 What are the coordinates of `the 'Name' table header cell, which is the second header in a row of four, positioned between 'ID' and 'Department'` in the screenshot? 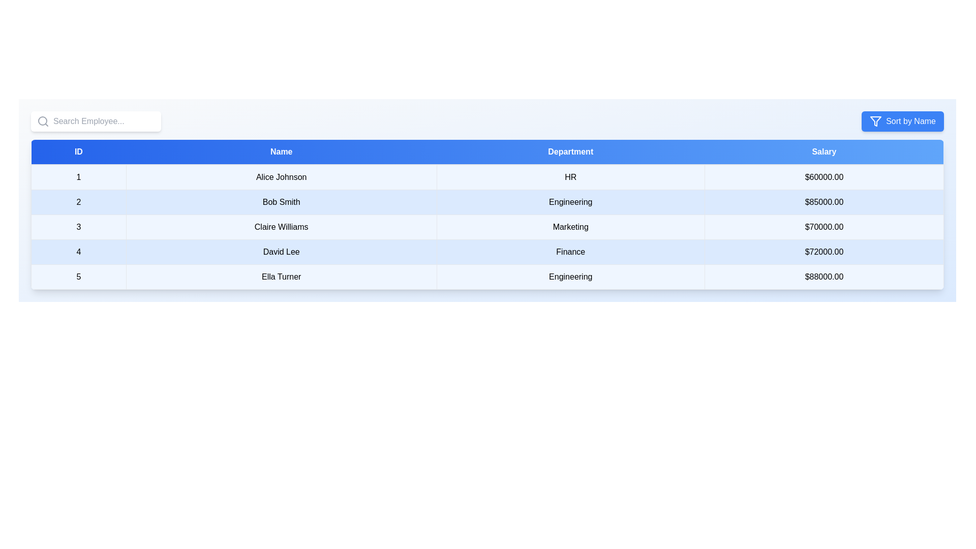 It's located at (281, 152).